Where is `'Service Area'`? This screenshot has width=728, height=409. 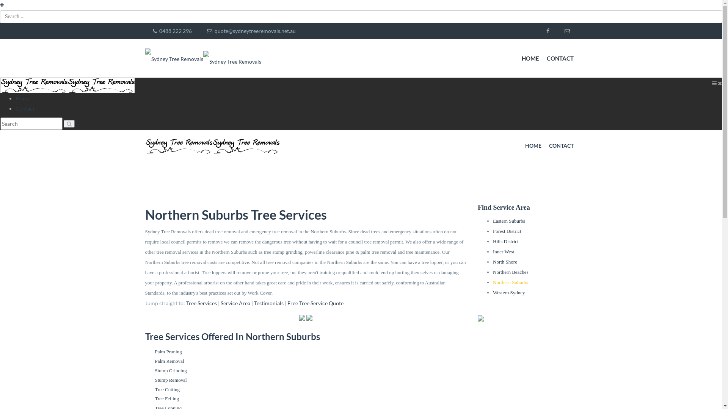 'Service Area' is located at coordinates (235, 303).